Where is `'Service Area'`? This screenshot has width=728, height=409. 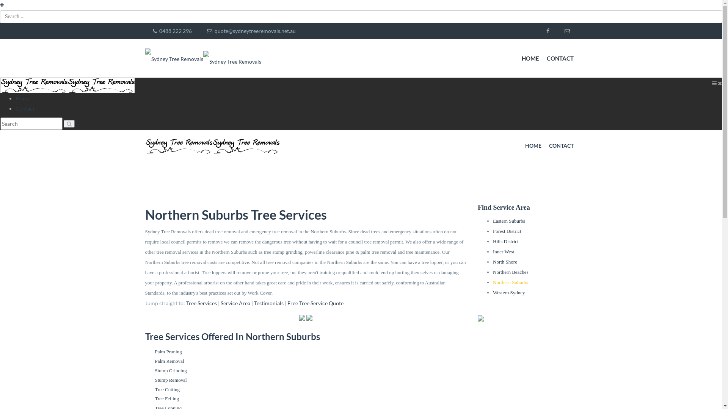 'Service Area' is located at coordinates (235, 303).